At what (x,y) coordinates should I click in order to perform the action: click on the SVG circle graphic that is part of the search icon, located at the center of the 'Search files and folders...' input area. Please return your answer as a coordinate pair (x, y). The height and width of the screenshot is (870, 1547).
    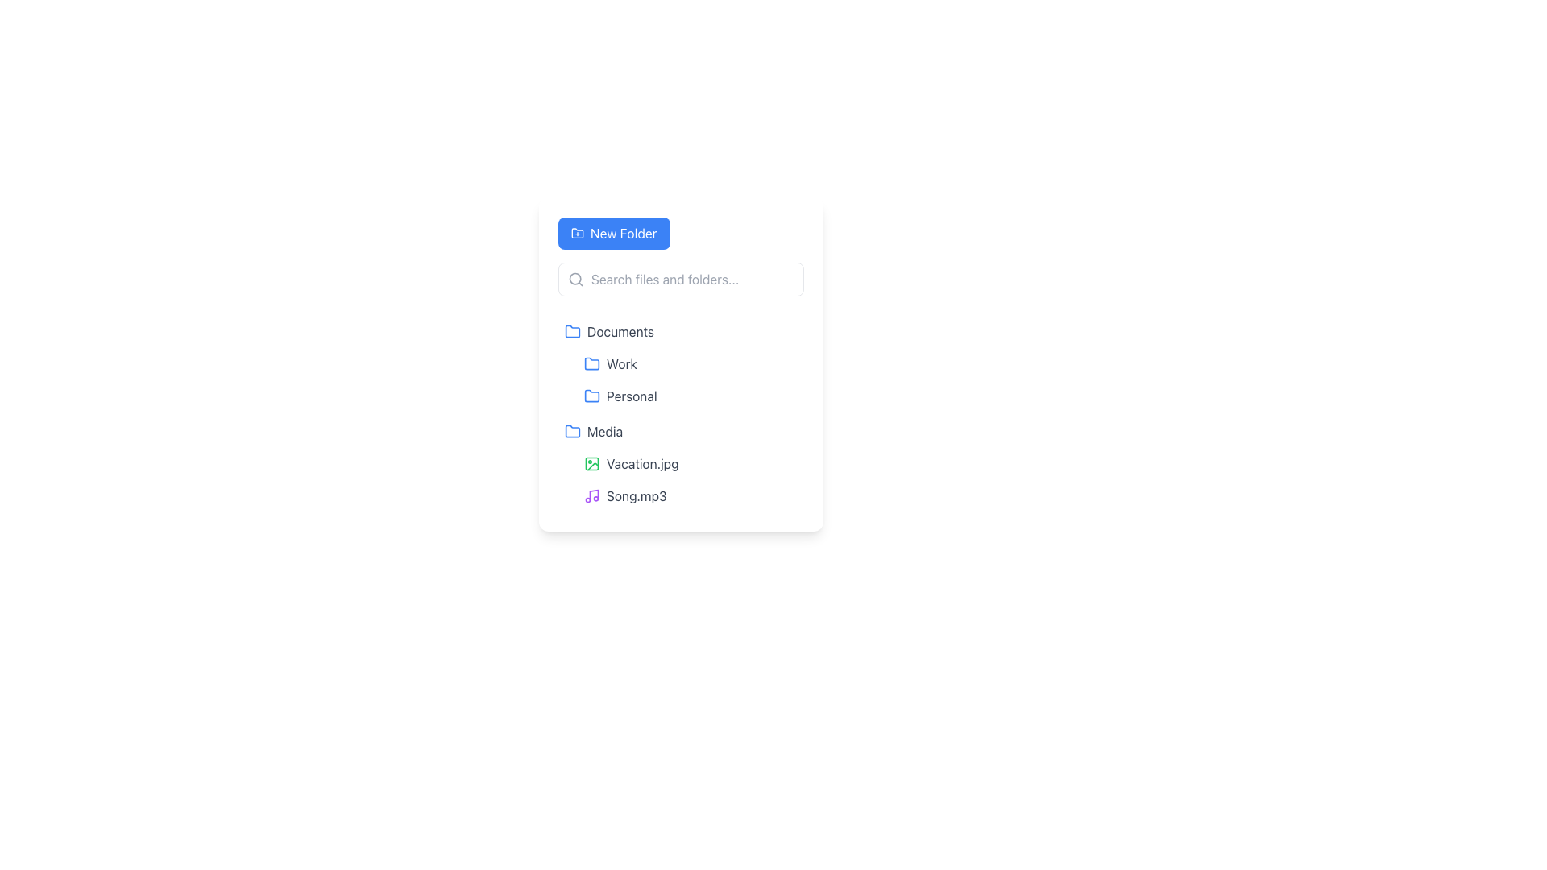
    Looking at the image, I should click on (575, 278).